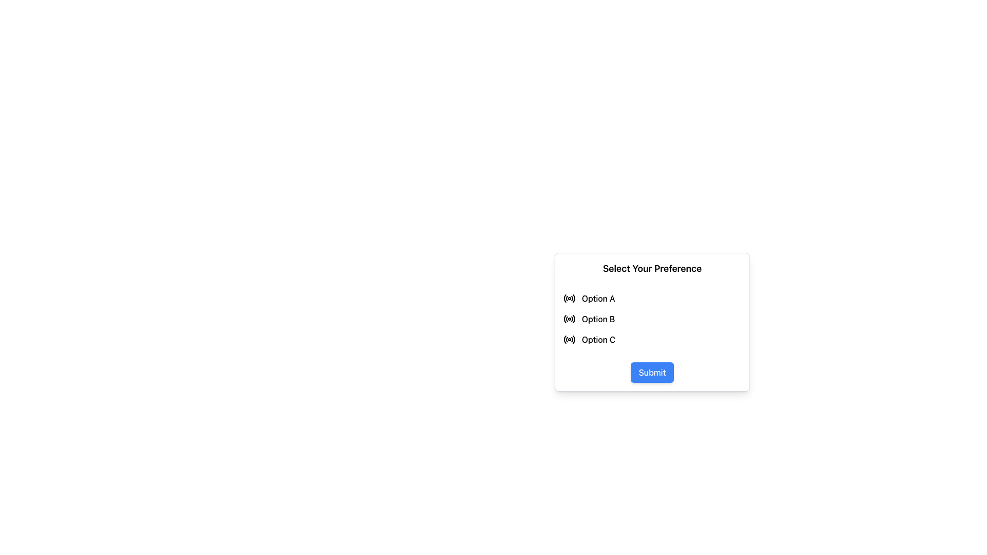 This screenshot has height=555, width=987. I want to click on the 'Submit' button which has a blue background and white text, located at the bottom-center of the preference selection card, so click(651, 373).